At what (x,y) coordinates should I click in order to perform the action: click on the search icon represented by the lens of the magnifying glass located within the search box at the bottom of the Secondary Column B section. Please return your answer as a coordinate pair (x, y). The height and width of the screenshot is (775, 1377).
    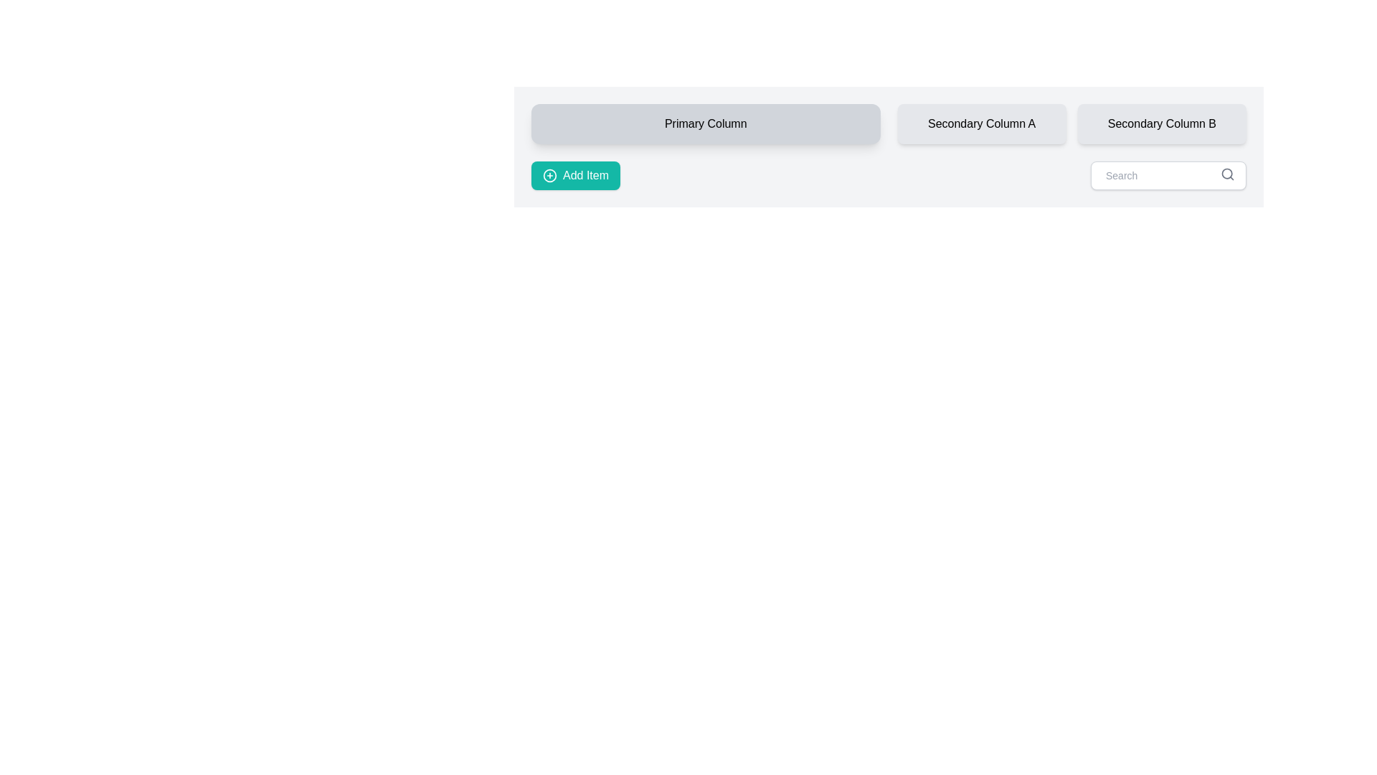
    Looking at the image, I should click on (1226, 173).